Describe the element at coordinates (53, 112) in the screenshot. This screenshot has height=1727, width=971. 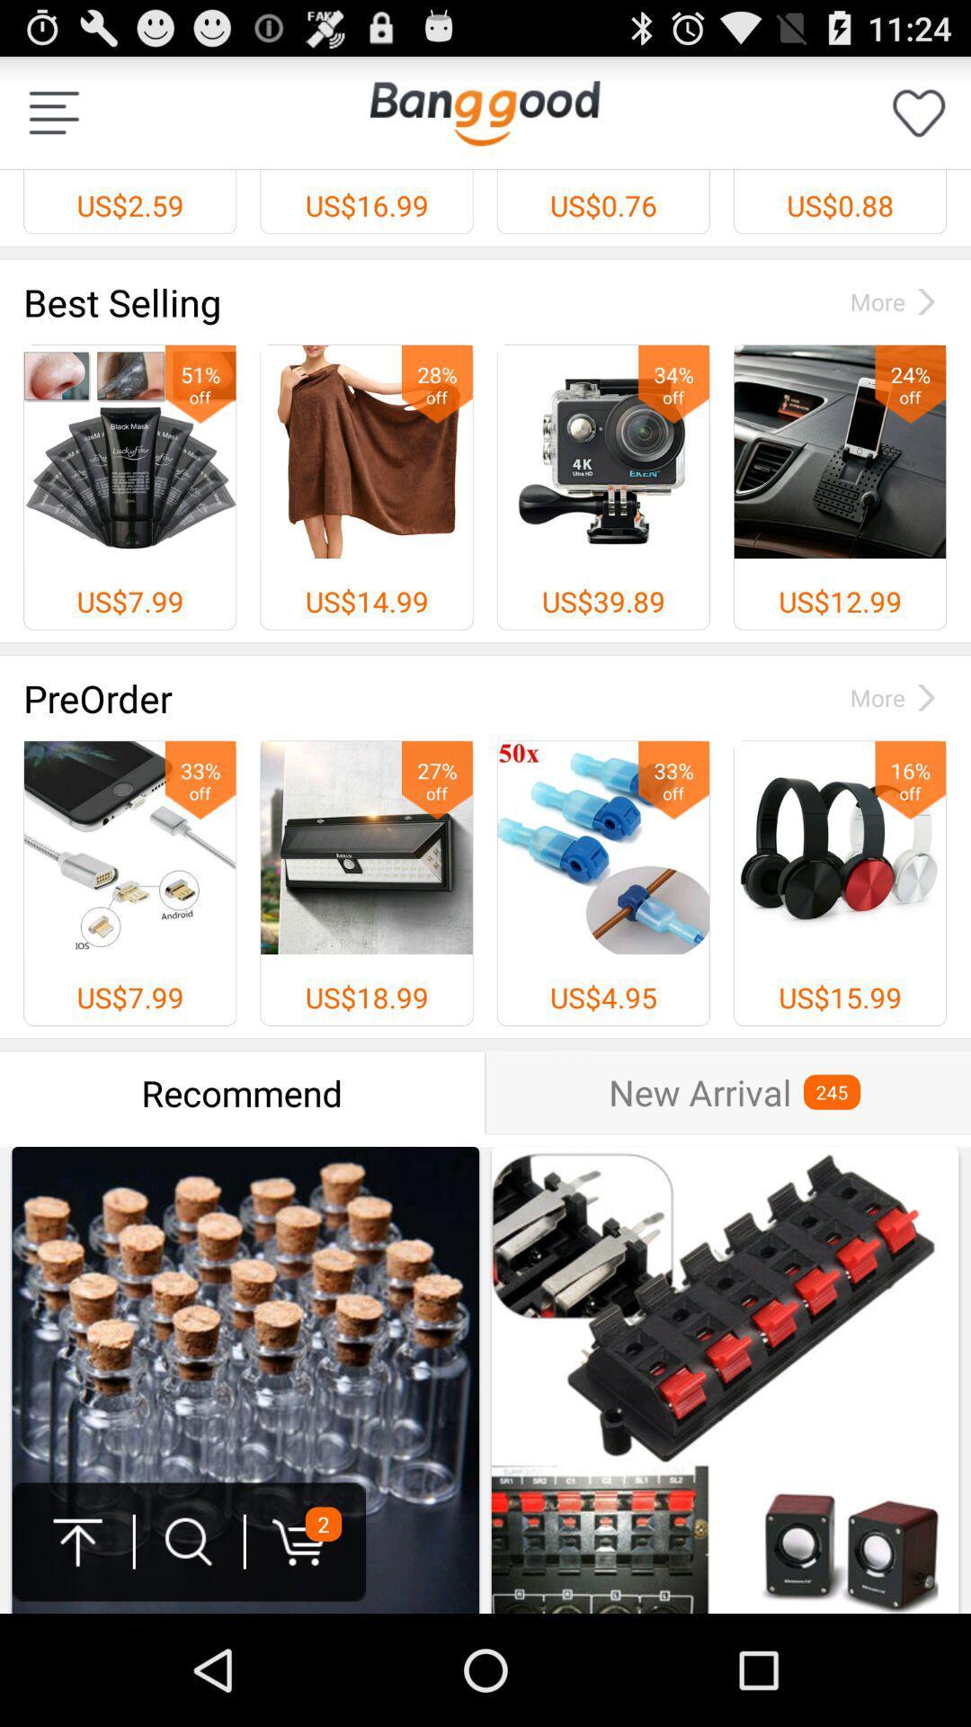
I see `dock` at that location.